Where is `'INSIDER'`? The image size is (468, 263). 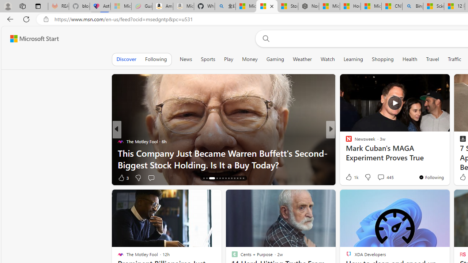 'INSIDER' is located at coordinates (345, 141).